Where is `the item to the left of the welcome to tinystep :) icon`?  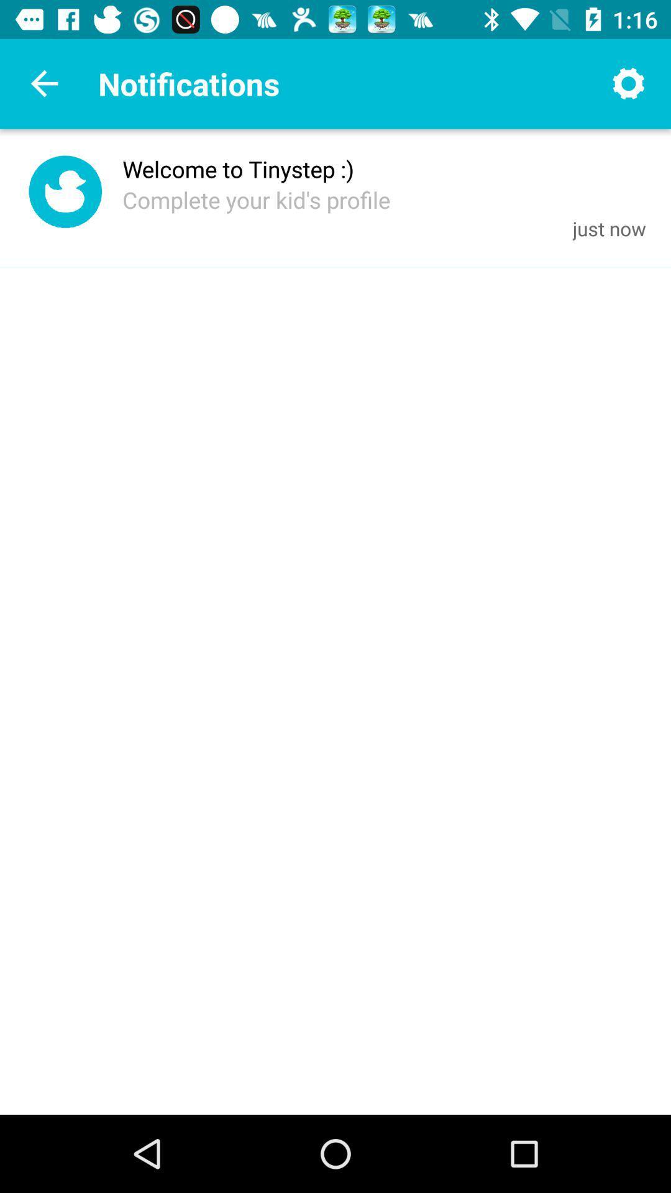
the item to the left of the welcome to tinystep :) icon is located at coordinates (65, 194).